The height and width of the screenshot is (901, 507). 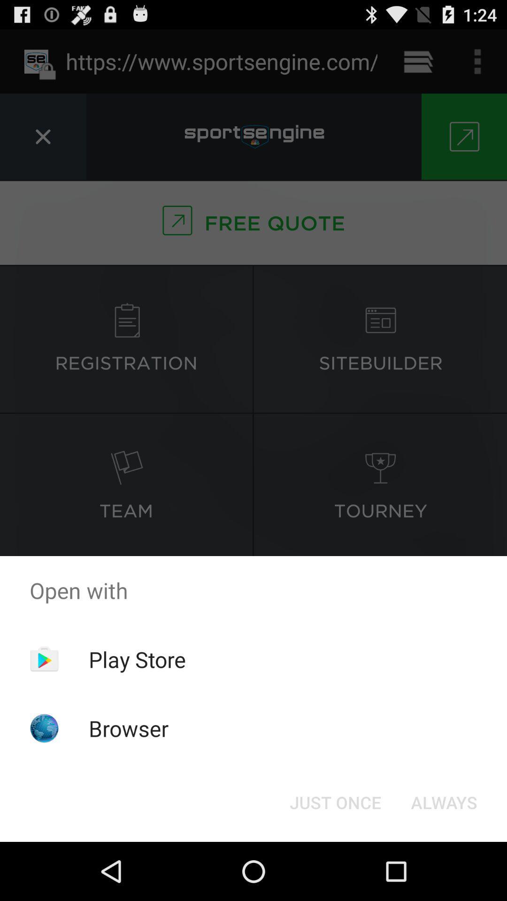 I want to click on the browser icon, so click(x=129, y=728).